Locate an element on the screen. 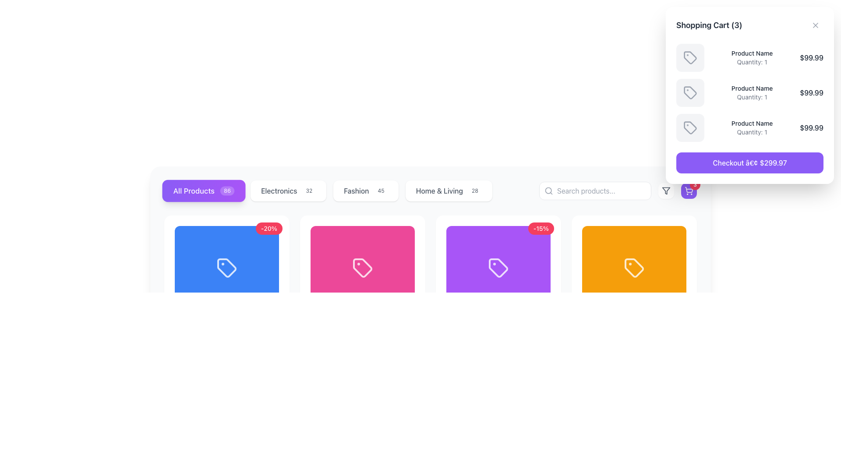 Image resolution: width=841 pixels, height=473 pixels. the numerical indicator Badge located on the far-right side of the 'Fashion' button in the navigation menu is located at coordinates (381, 190).